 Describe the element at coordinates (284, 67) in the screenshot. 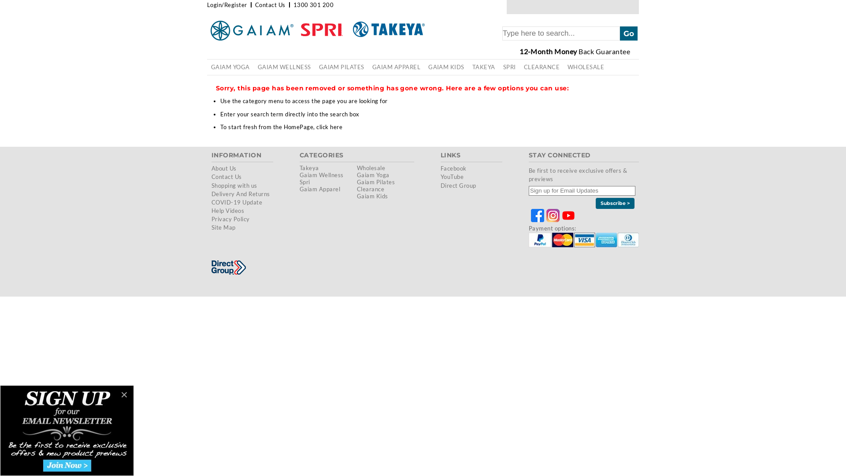

I see `'GAIAM WELLNESS'` at that location.